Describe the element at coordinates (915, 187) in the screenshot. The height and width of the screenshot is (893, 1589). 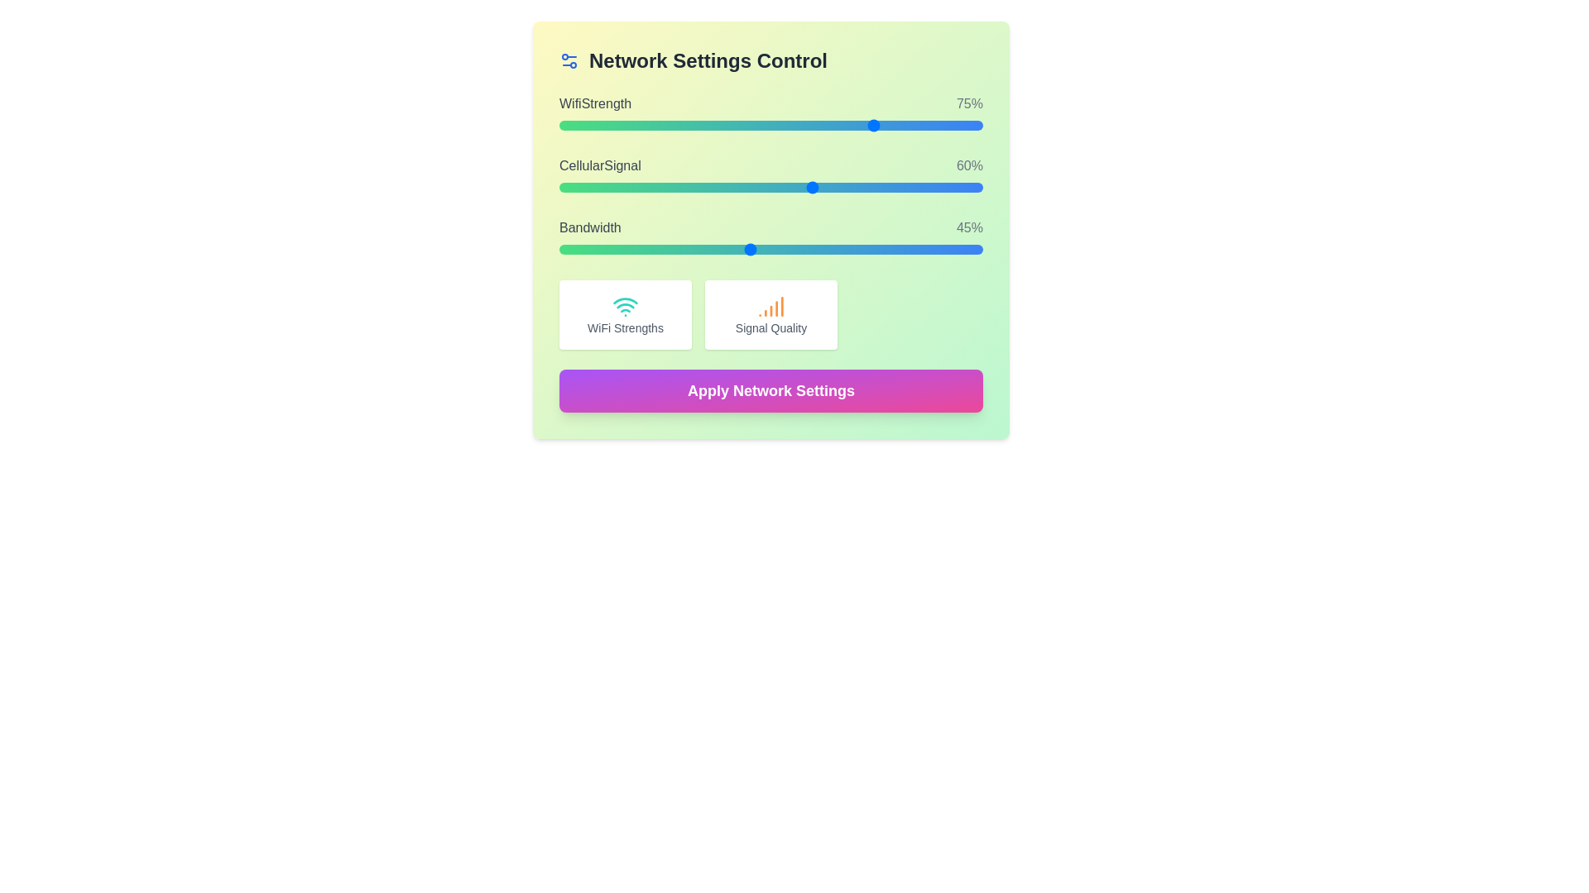
I see `the Cellular Signal slider` at that location.